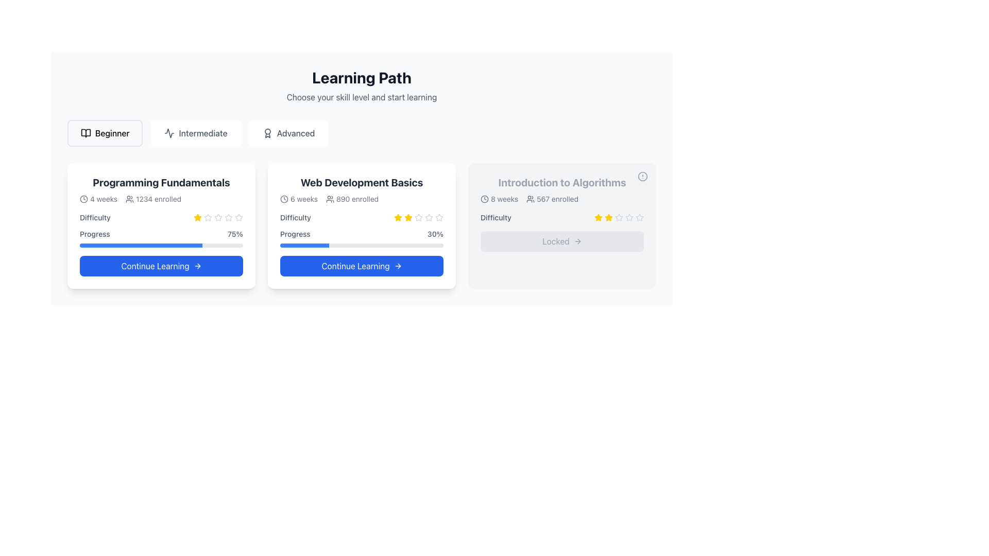 The width and height of the screenshot is (989, 556). Describe the element at coordinates (561, 225) in the screenshot. I see `the content card titled 'Introduction to Algorithms' with a gray button labeled 'Locked' at the bottom` at that location.